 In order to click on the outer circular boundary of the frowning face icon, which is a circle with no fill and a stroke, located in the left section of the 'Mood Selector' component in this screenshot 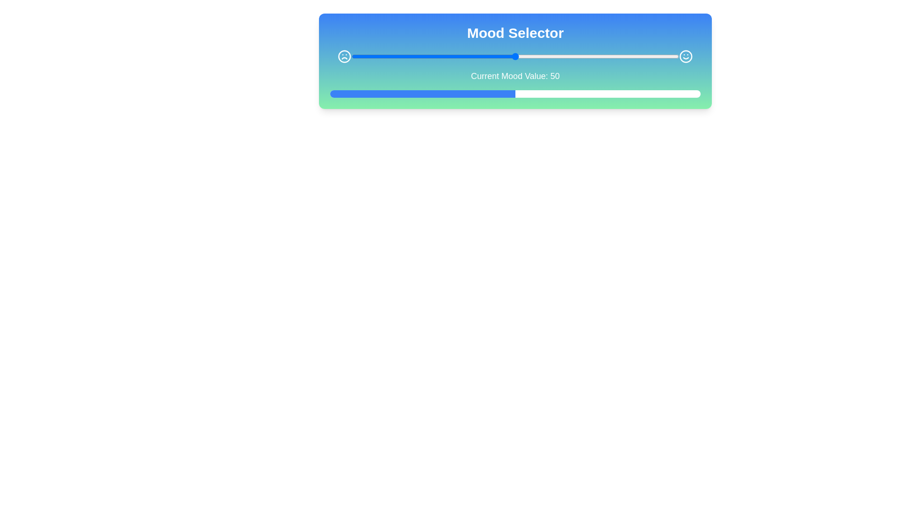, I will do `click(344, 56)`.